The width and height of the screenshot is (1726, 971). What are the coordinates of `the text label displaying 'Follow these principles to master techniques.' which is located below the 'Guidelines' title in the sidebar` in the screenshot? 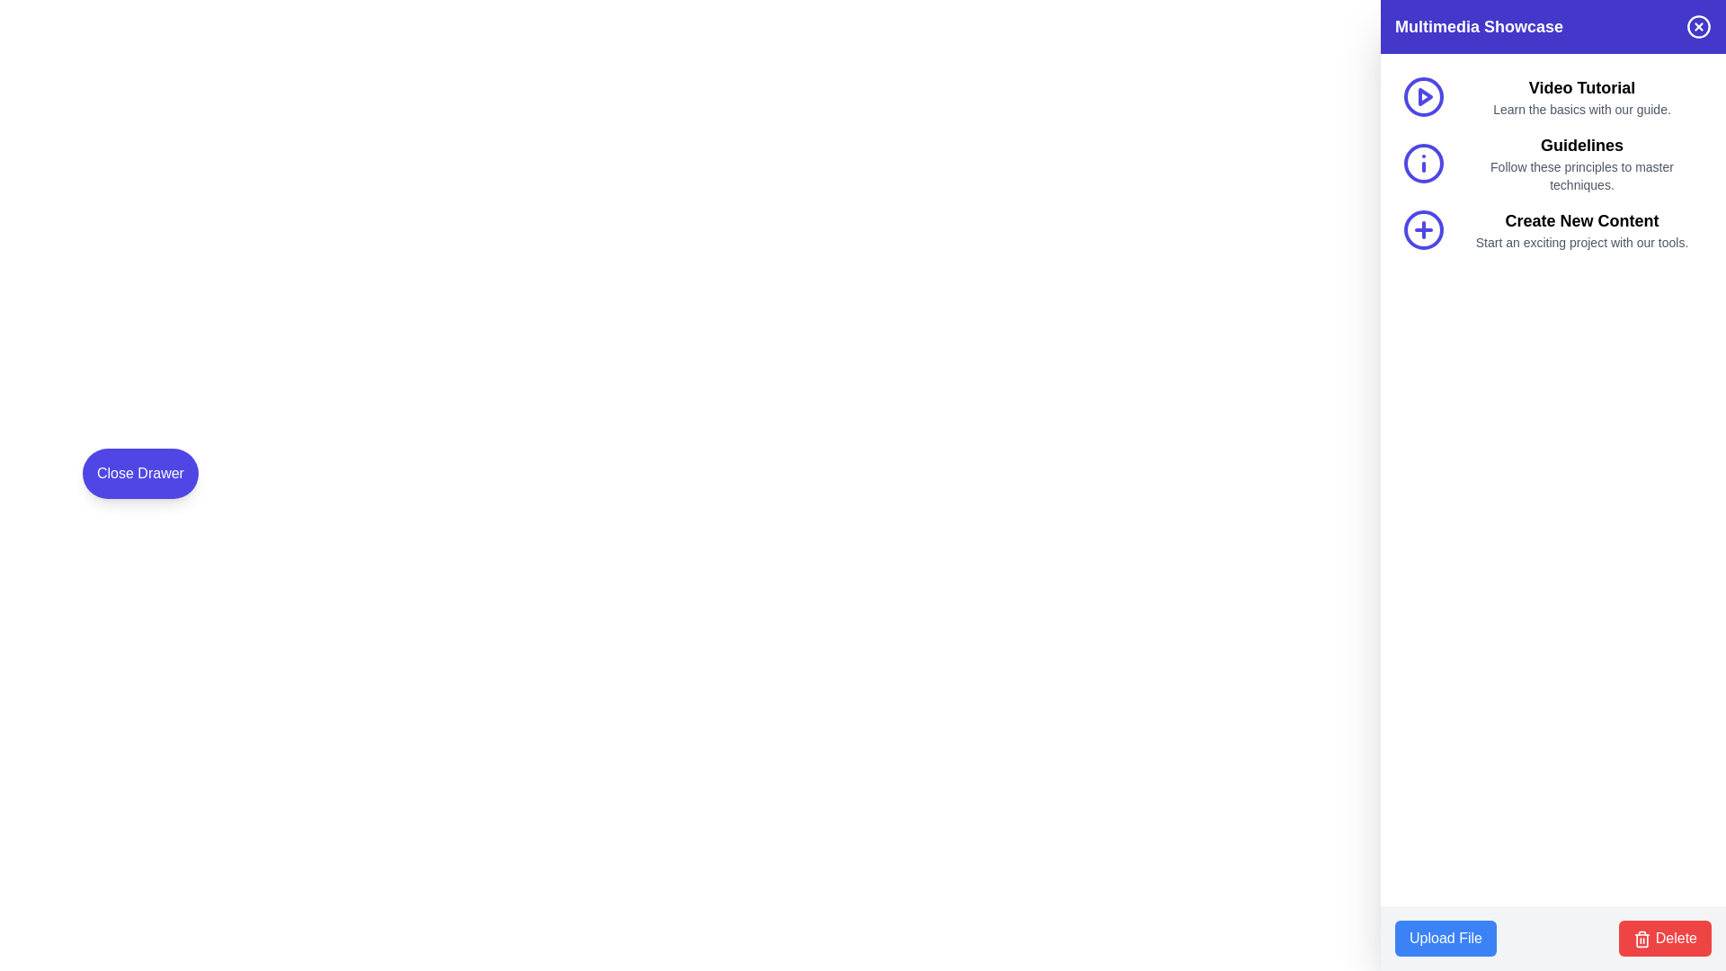 It's located at (1582, 176).